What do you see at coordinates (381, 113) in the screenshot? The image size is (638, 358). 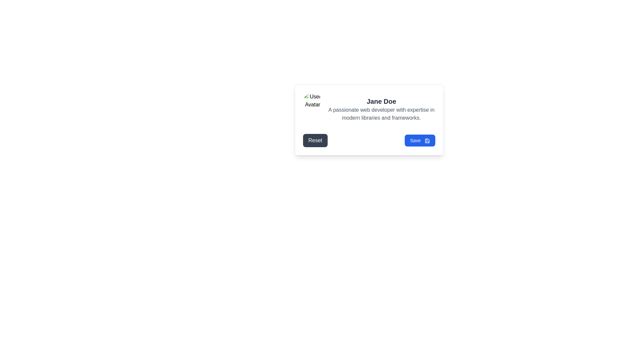 I see `the text display element that describes professional expertise, which reads 'A passionate web developer with expertise in modern libraries and frameworks.' This element is located beneath the name 'Jane Doe' in the user profile section` at bounding box center [381, 113].